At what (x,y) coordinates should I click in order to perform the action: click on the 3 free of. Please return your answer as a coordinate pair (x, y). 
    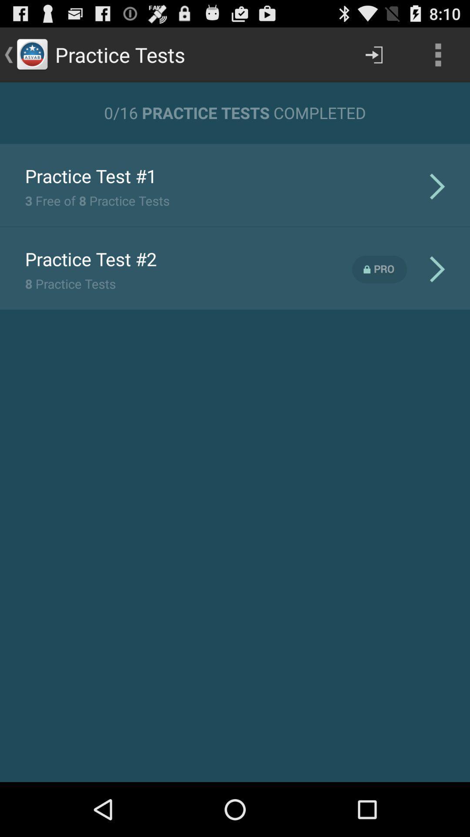
    Looking at the image, I should click on (97, 200).